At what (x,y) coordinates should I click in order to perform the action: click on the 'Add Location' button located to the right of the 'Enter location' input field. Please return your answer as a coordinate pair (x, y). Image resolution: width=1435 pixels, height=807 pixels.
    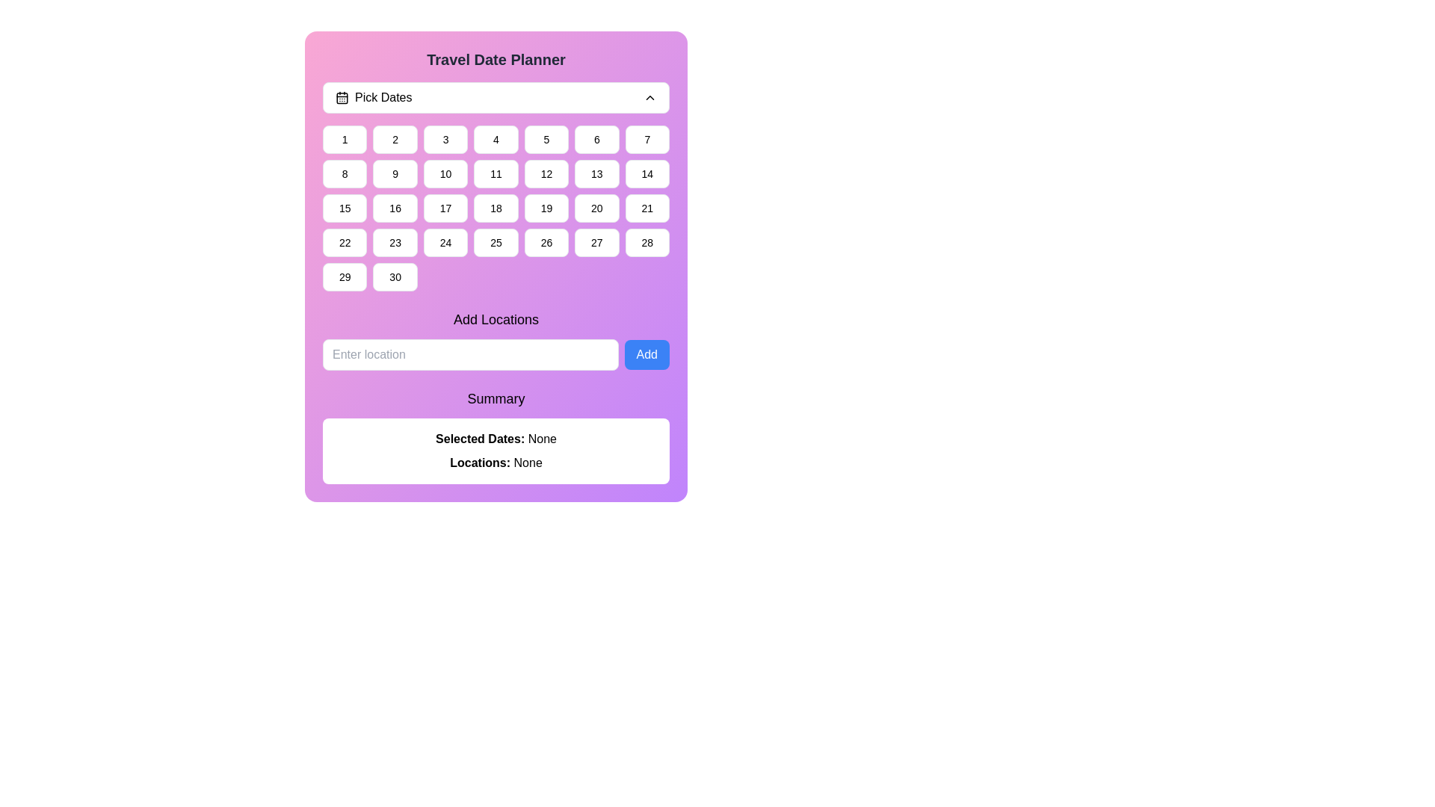
    Looking at the image, I should click on (646, 354).